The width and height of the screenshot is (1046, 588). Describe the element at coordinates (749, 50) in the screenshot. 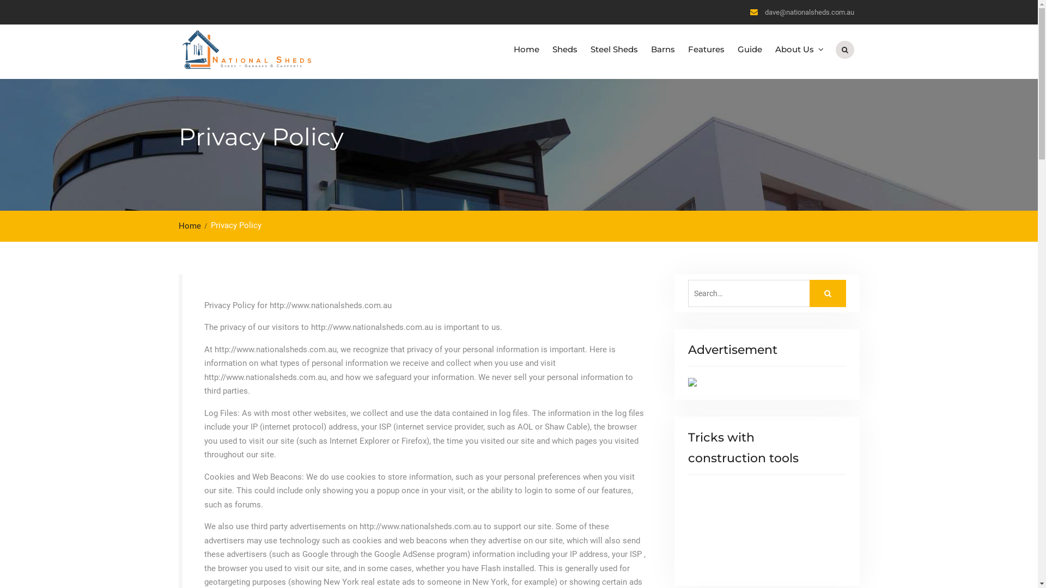

I see `'Guide'` at that location.